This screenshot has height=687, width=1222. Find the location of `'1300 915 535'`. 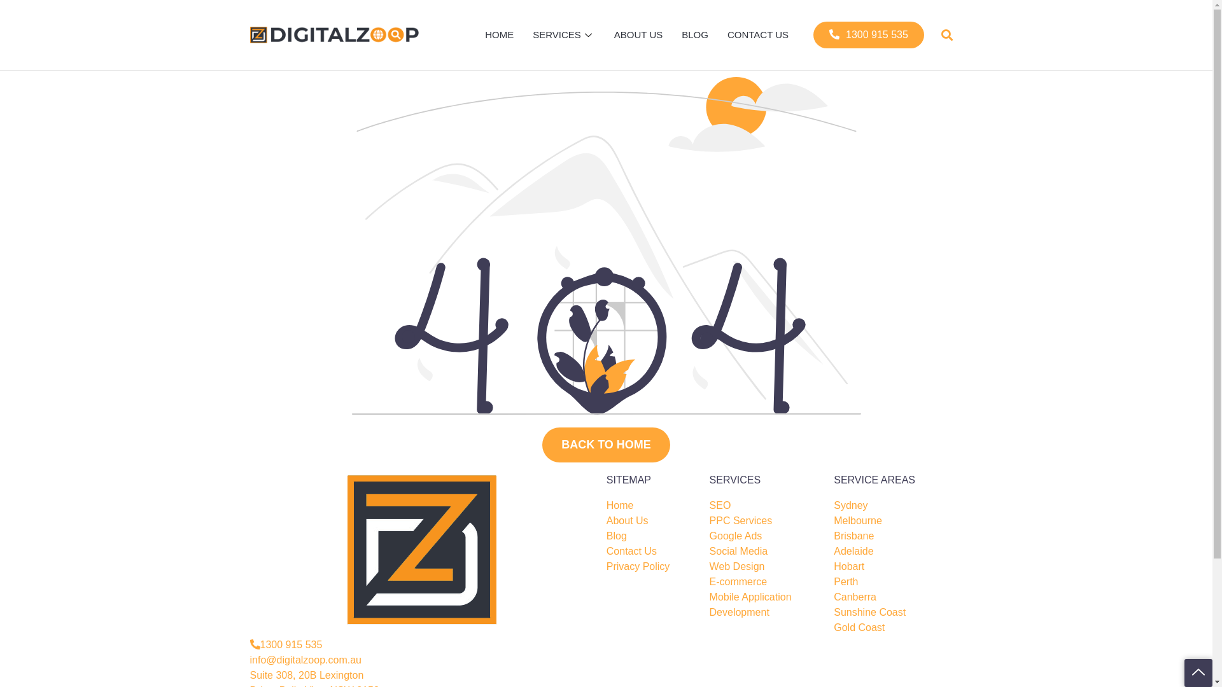

'1300 915 535' is located at coordinates (285, 645).